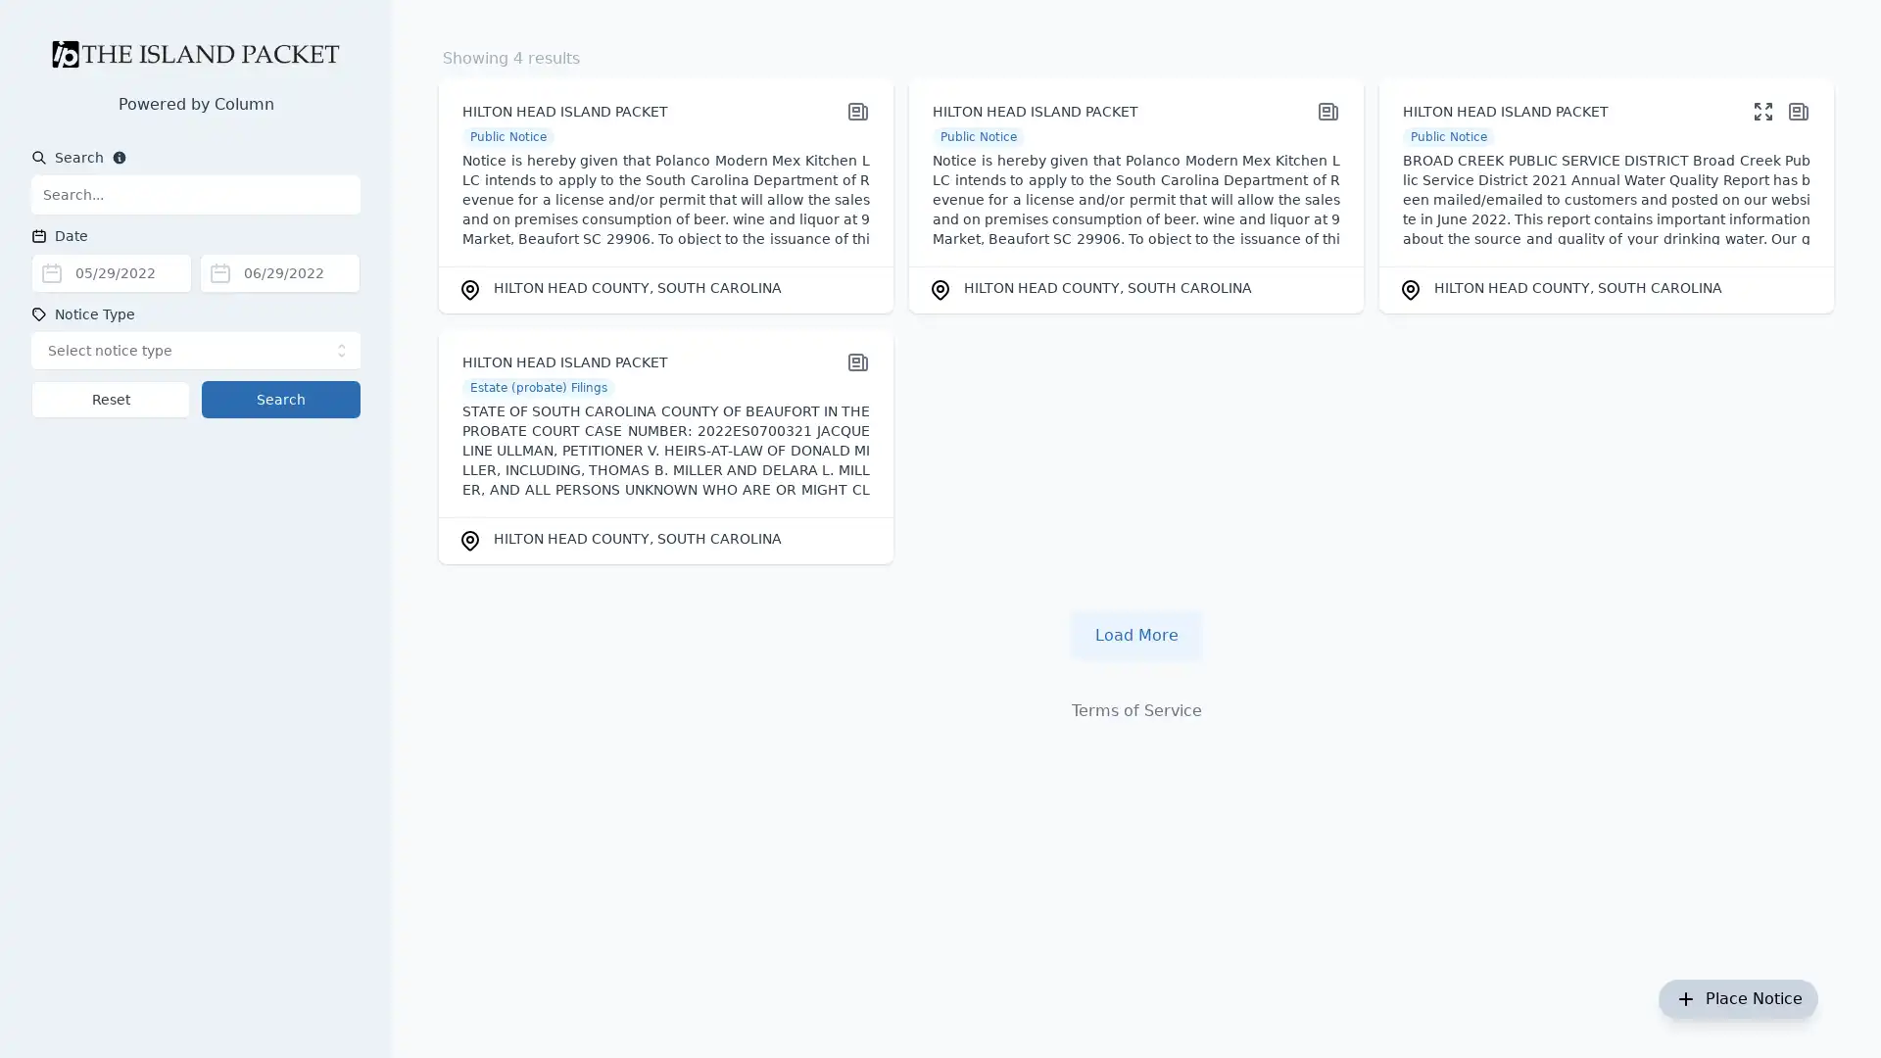  I want to click on Load more notices, so click(1135, 635).